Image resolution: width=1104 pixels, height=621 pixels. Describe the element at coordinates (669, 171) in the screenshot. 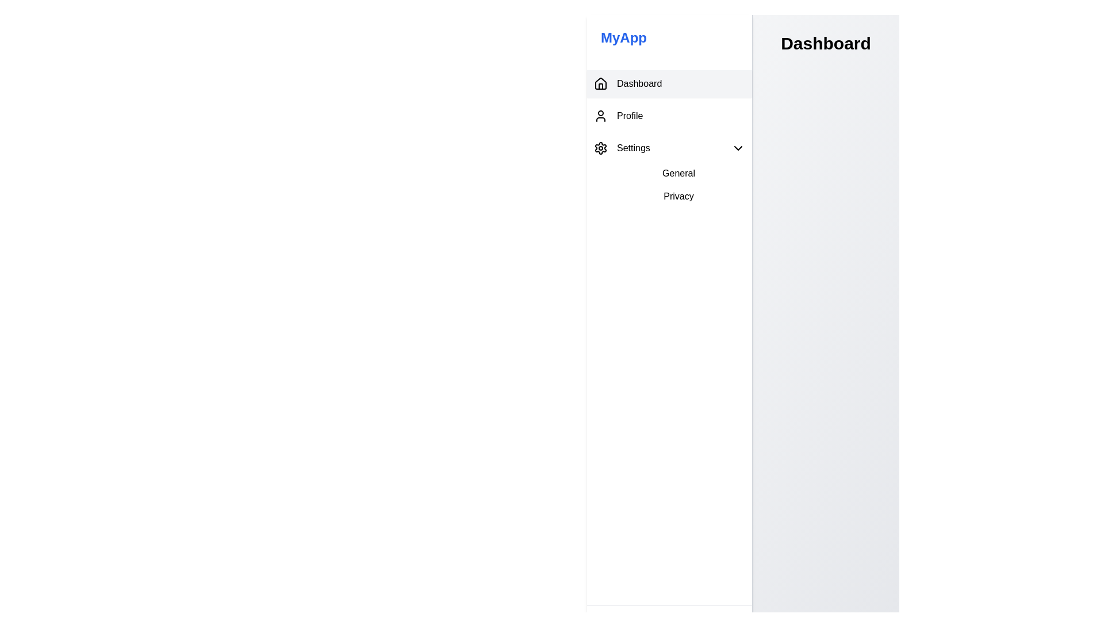

I see `the 'General' label located in the left navigation panel, positioned below the 'Settings' title and above the 'Privacy' label` at that location.